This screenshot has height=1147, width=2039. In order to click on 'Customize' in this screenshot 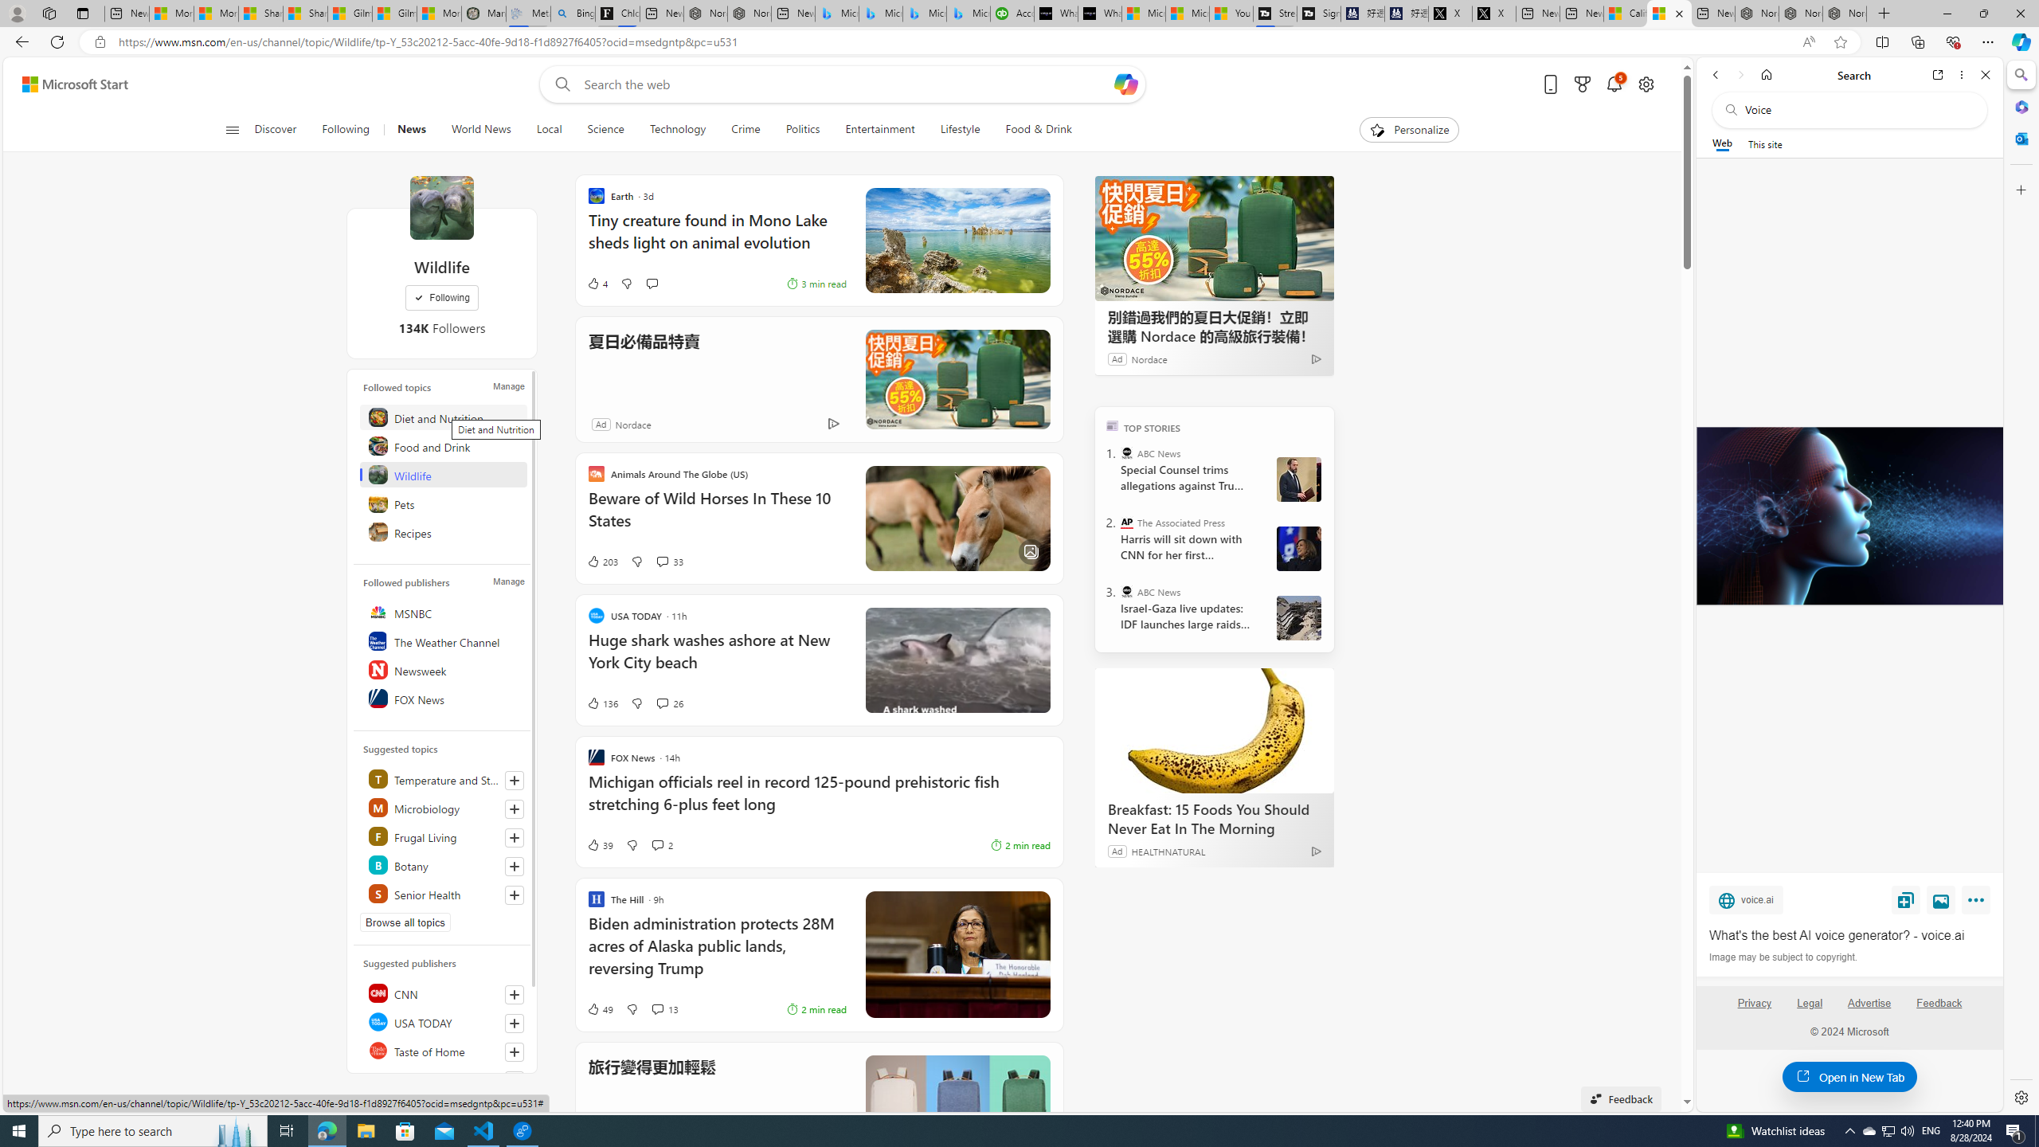, I will do `click(2019, 189)`.